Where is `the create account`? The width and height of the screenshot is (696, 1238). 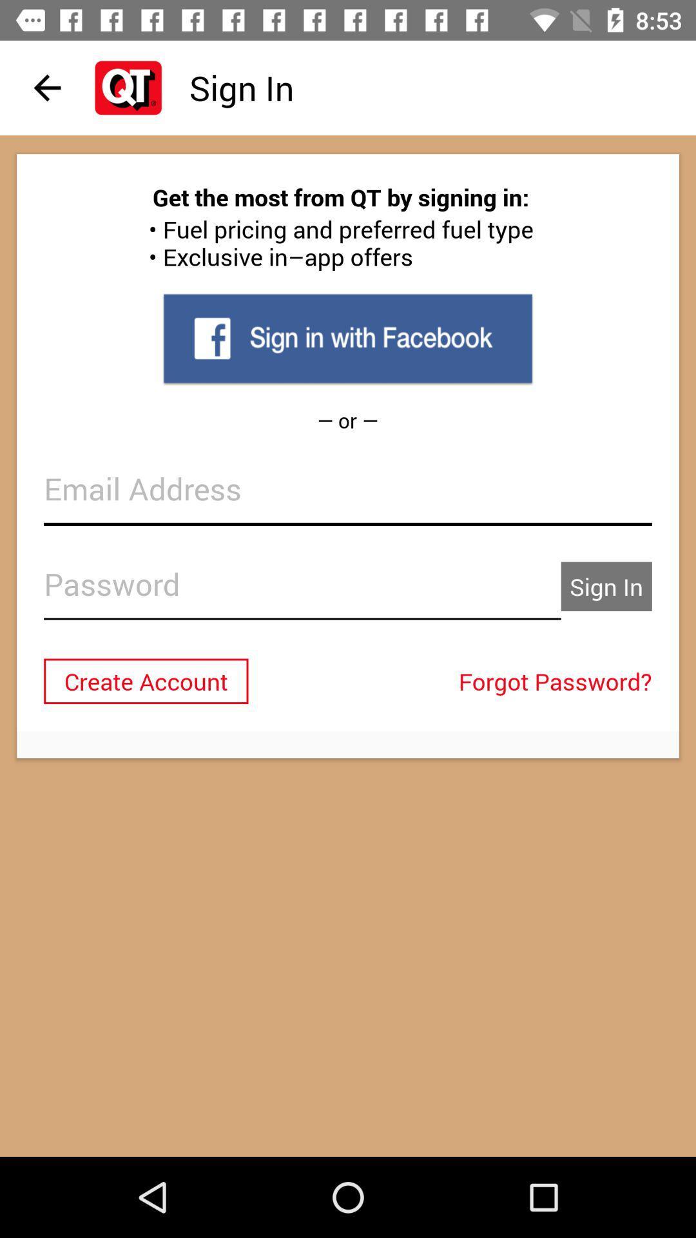 the create account is located at coordinates (145, 680).